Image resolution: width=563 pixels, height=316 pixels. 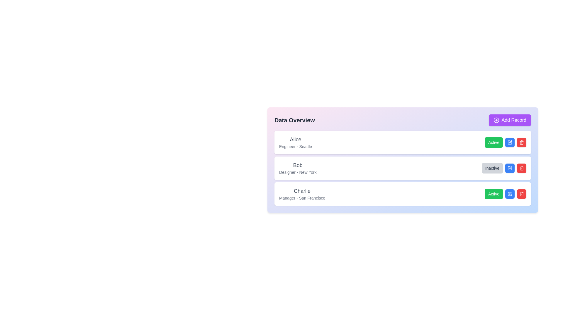 What do you see at coordinates (494, 194) in the screenshot?
I see `the green rectangular button labeled 'Active'` at bounding box center [494, 194].